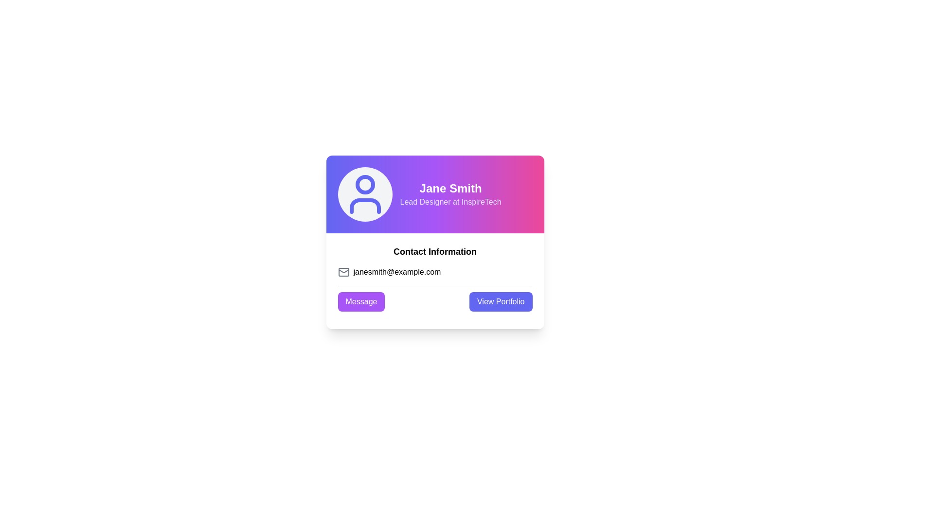  Describe the element at coordinates (364, 206) in the screenshot. I see `the decorative torso component of the user icon located at the top-left corner of the user profile card, positioned beneath the user's head icon` at that location.